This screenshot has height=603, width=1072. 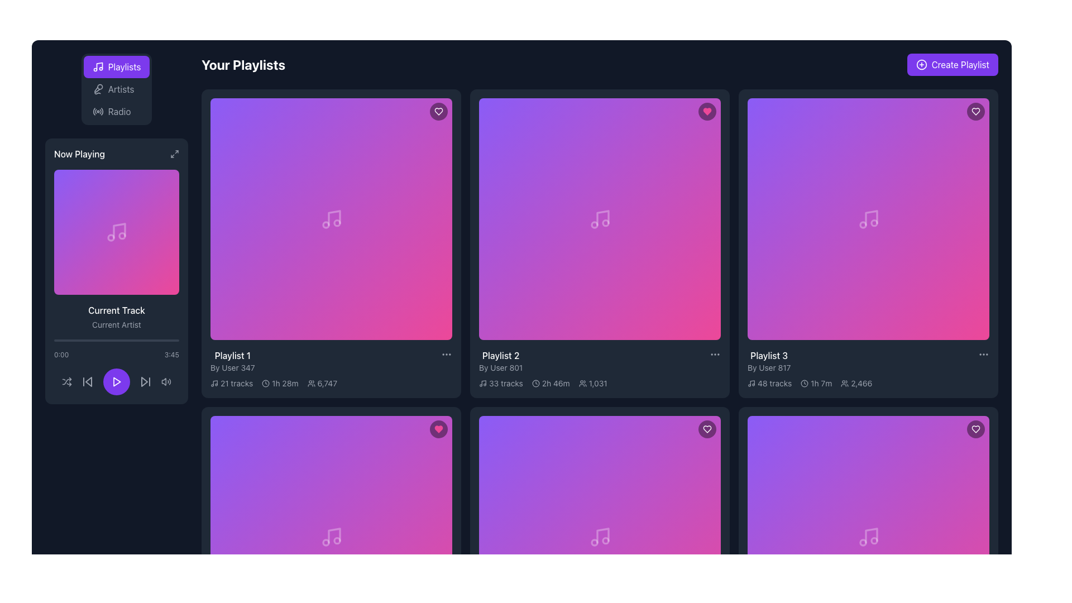 I want to click on the circular SVG graphic component that is part of the clock icon located towards the center-right of the interface, adjacent to playlist track length and listener count, so click(x=535, y=382).